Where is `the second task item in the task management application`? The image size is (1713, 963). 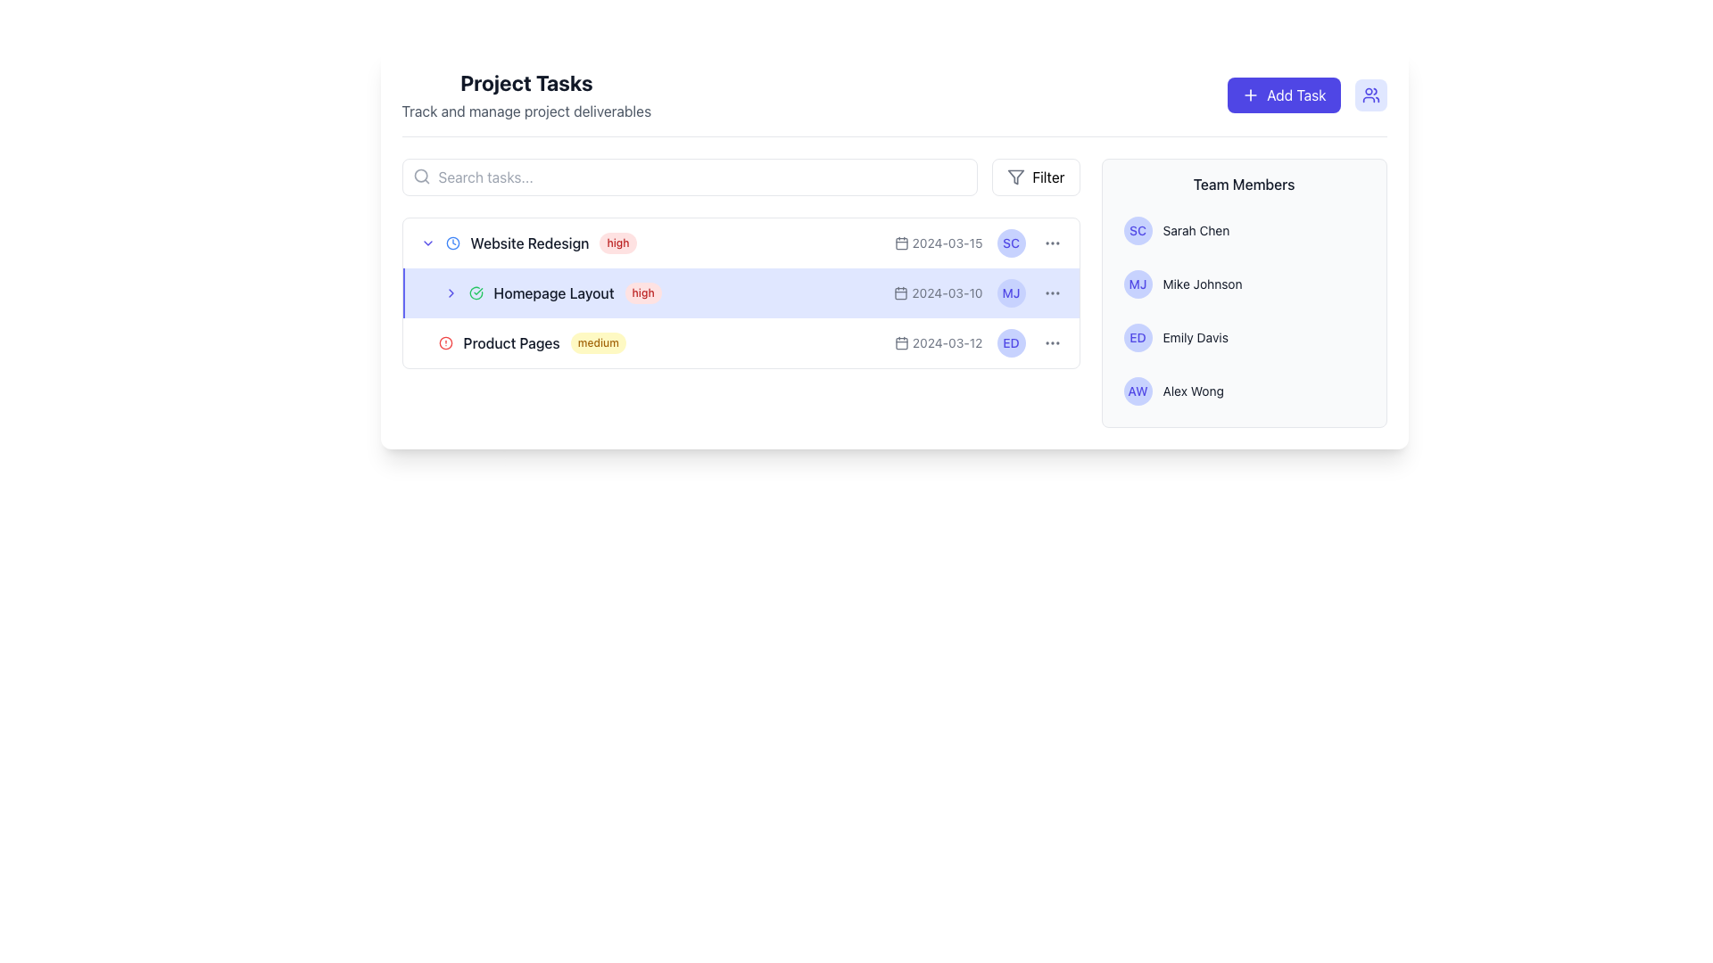 the second task item in the task management application is located at coordinates (741, 292).